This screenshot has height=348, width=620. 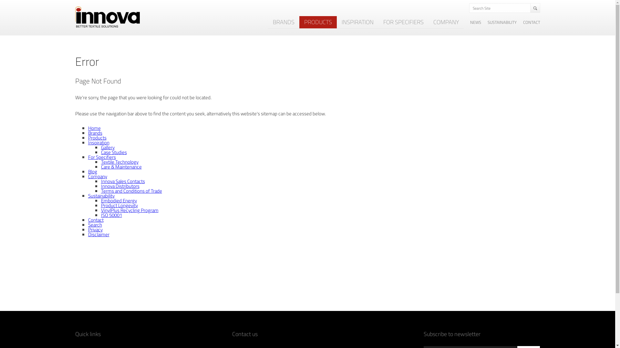 I want to click on 'Search', so click(x=94, y=224).